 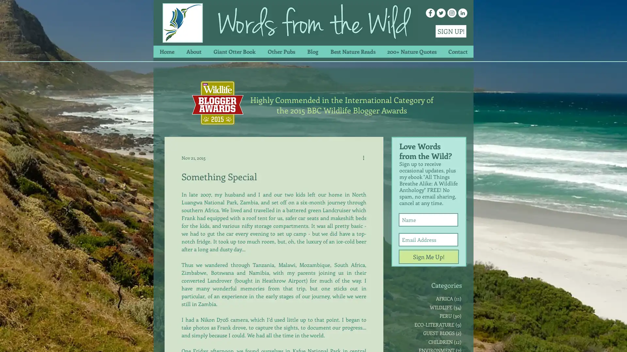 What do you see at coordinates (619, 340) in the screenshot?
I see `Close` at bounding box center [619, 340].